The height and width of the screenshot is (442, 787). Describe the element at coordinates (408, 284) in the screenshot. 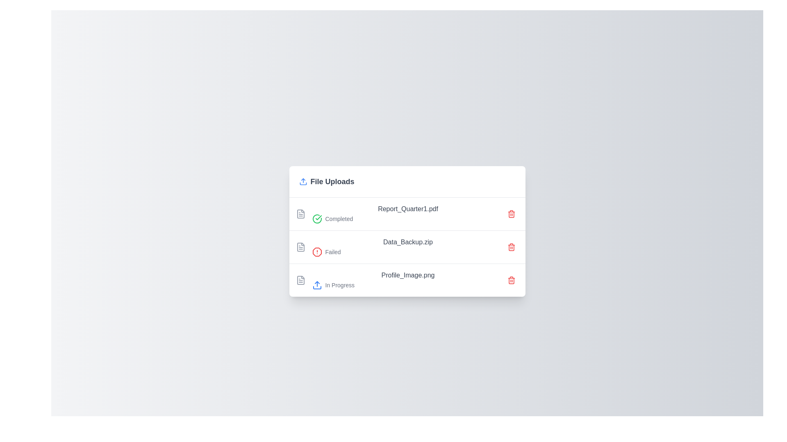

I see `the Status Indicator for the file 'Profile_Image.png', which shows the upload status currently in progress, located in the third row of the upload status table, to the left of the row's center` at that location.